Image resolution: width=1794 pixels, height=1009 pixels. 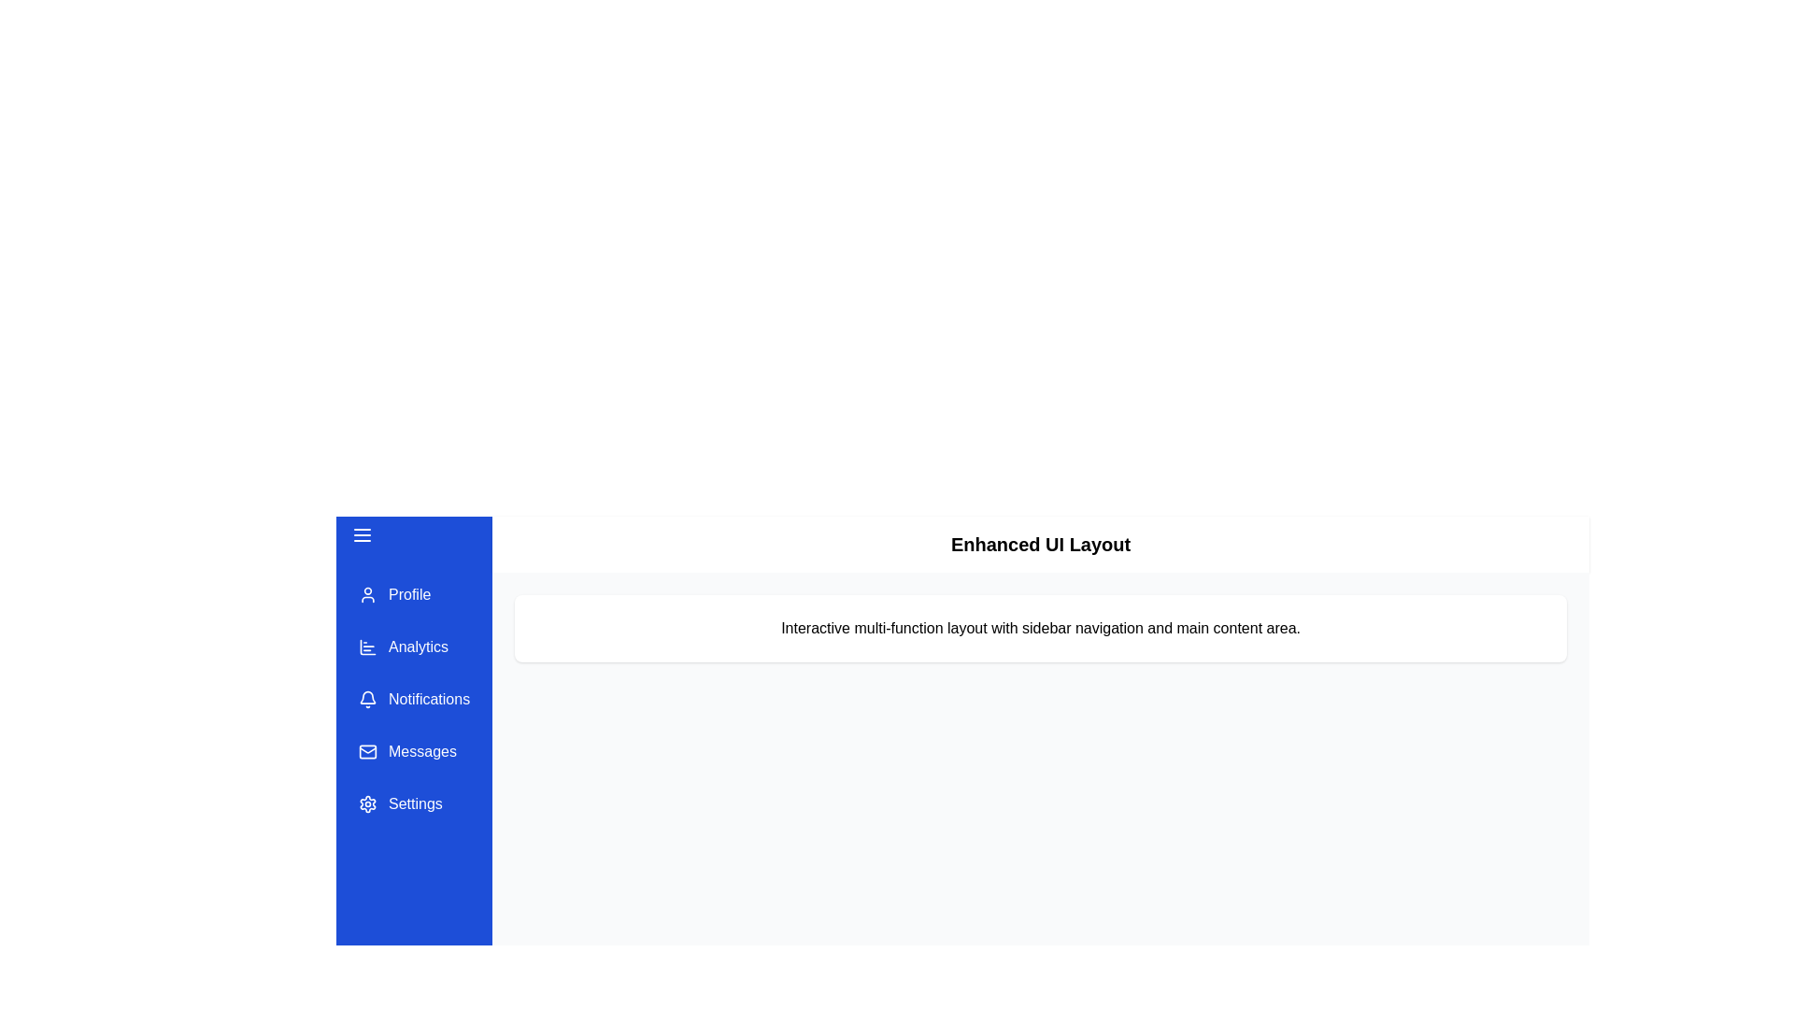 What do you see at coordinates (367, 751) in the screenshot?
I see `the envelope icon representing messages, which is outlined with a rounded rectangular shape, located in the sidebar's 'Messages' menu item` at bounding box center [367, 751].